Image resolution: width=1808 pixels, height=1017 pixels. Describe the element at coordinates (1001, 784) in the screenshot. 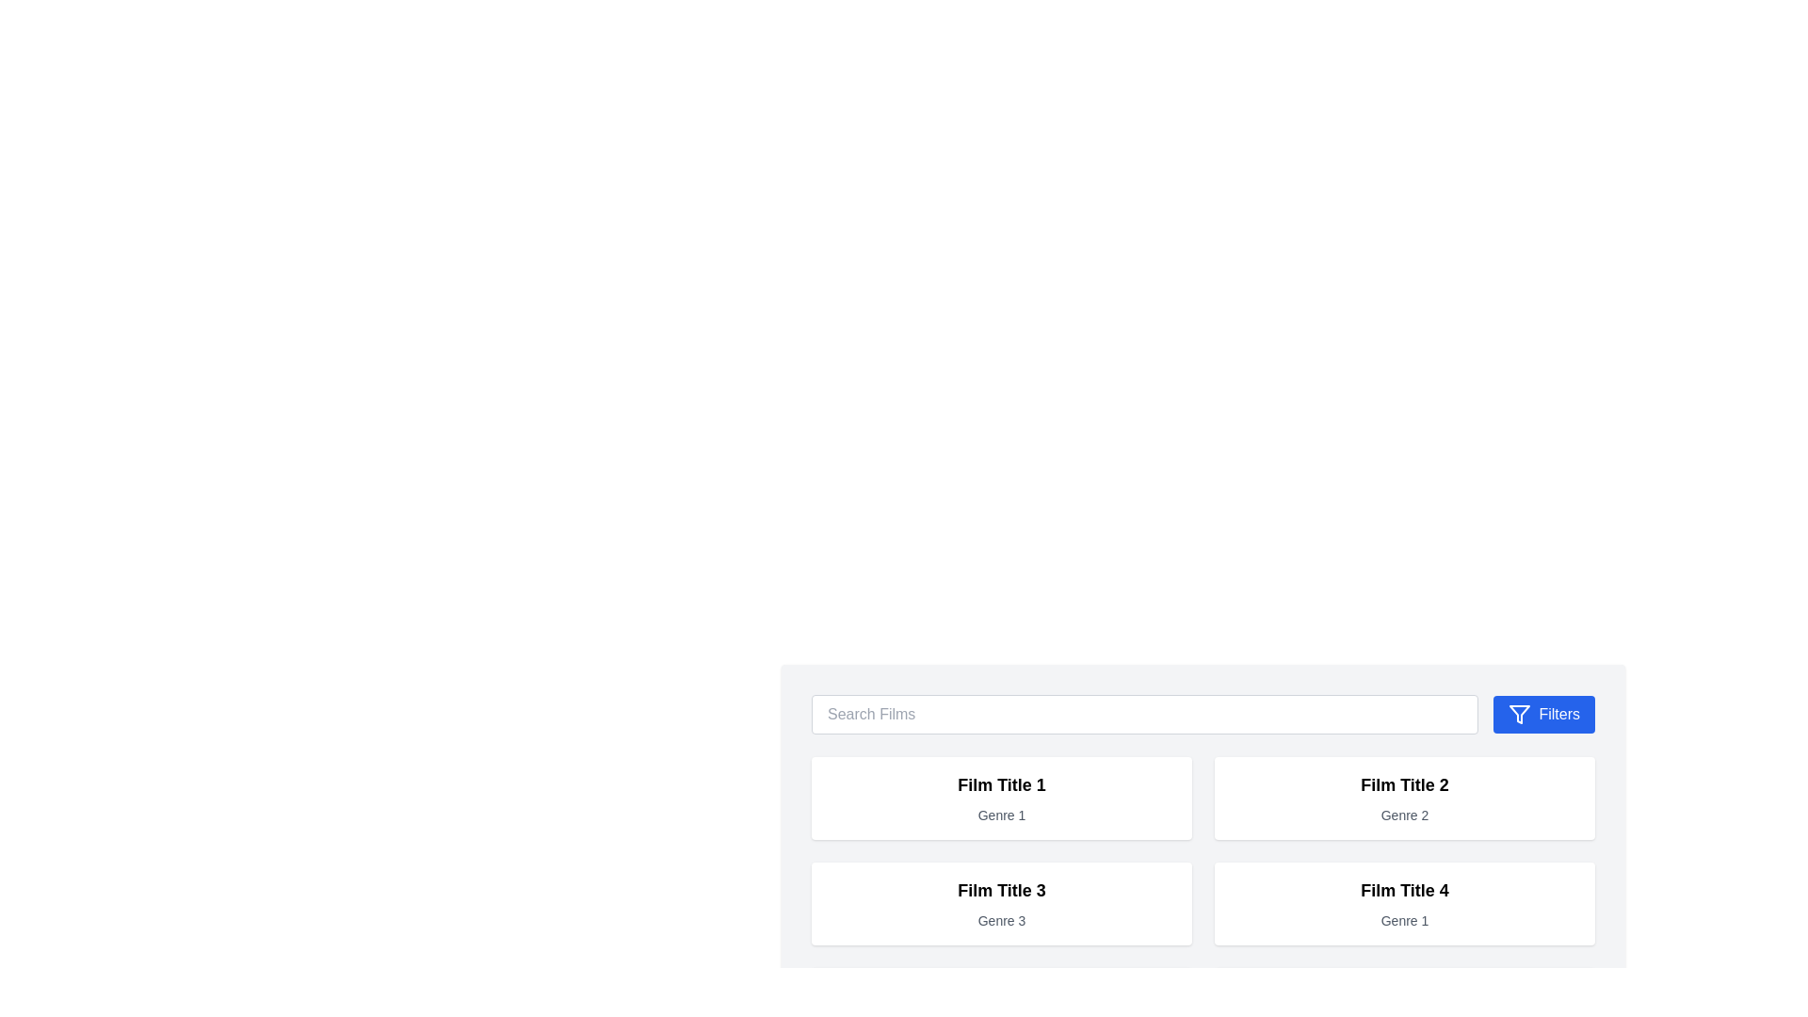

I see `text 'Film Title 1' displayed in bold, large font style located at the top-left corner of a card element` at that location.